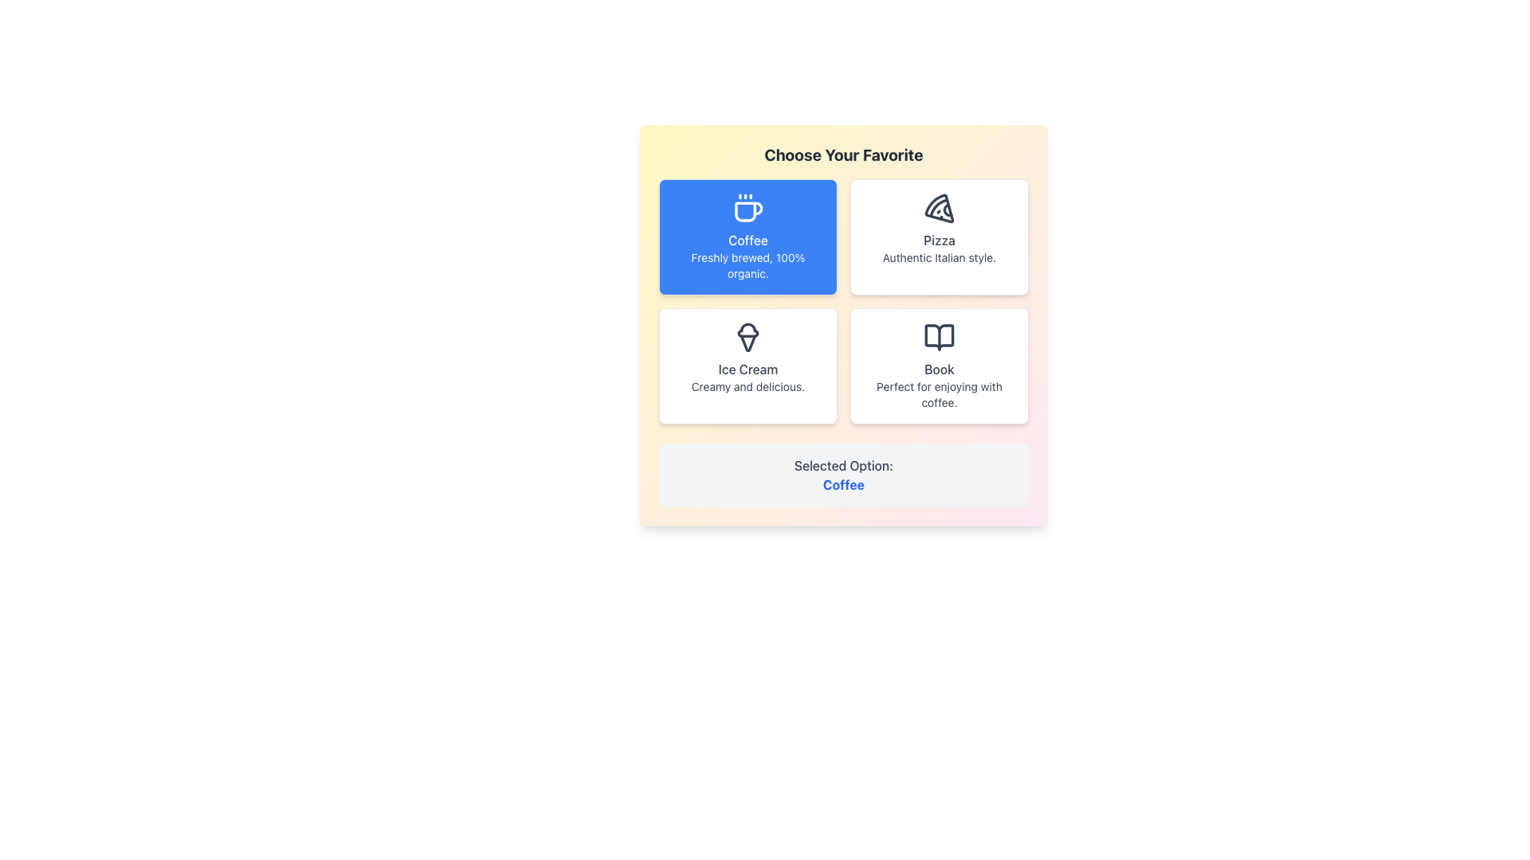 The image size is (1530, 860). Describe the element at coordinates (747, 342) in the screenshot. I see `the decorative vector graphic element representing the base of an ice cream cone in the SVG icon located in the lower central region of the third box in a 2x2 grid layout` at that location.